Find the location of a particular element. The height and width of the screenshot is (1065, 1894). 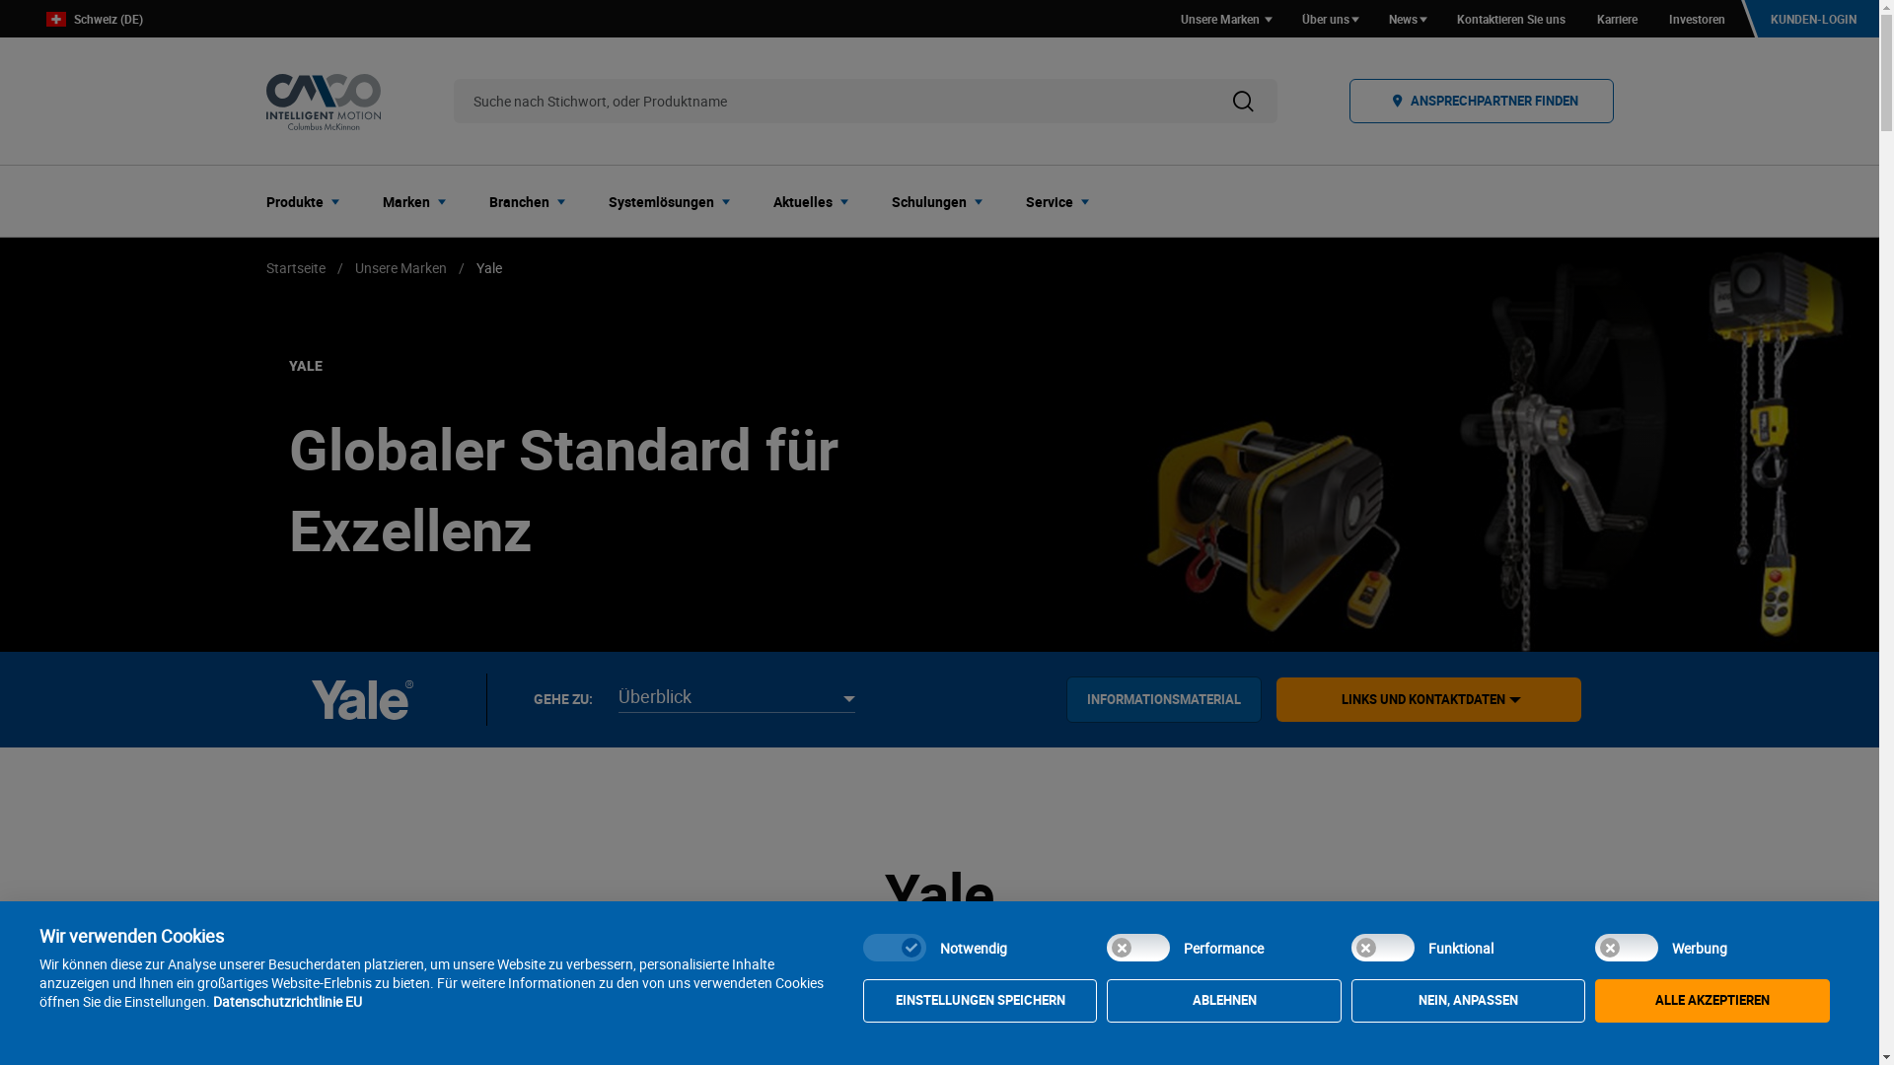

'Schulungen' is located at coordinates (941, 201).